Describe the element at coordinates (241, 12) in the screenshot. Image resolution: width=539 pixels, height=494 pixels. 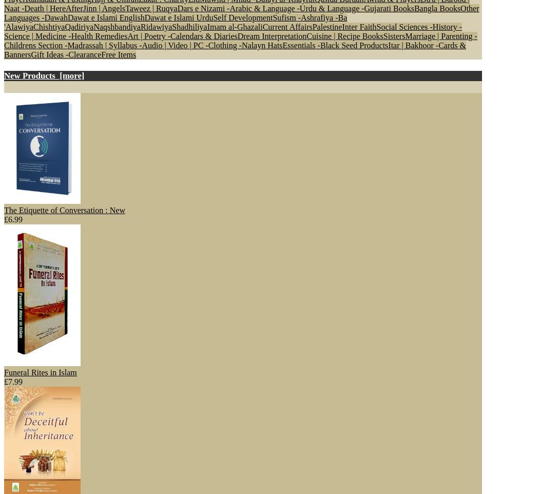
I see `'Other Languages -'` at that location.